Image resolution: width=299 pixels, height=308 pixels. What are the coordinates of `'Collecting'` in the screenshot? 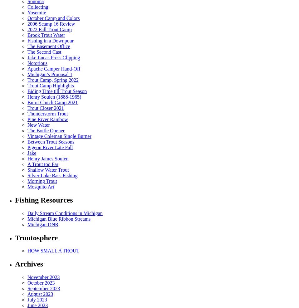 It's located at (37, 6).